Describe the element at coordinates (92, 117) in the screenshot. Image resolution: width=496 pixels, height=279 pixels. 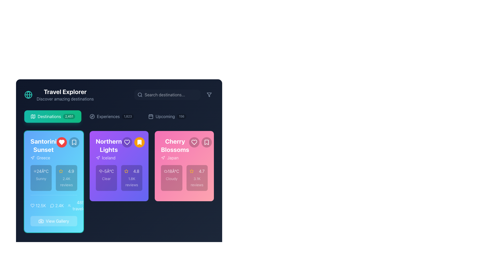
I see `the compass icon representing the 'Experiences' section` at that location.